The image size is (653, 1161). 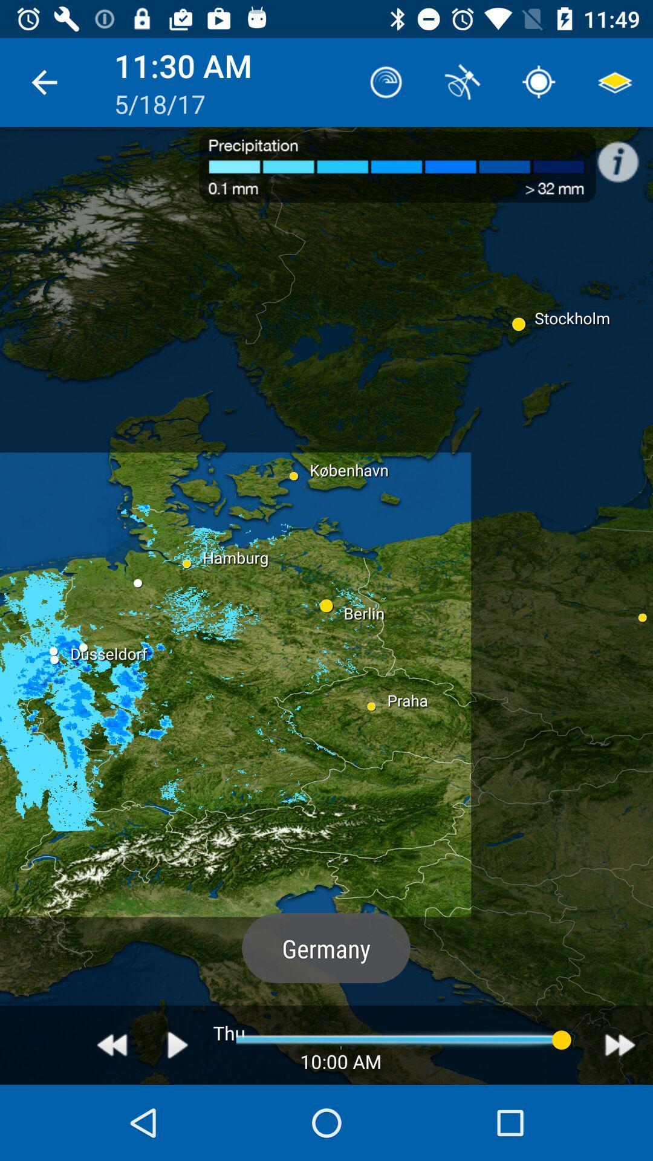 What do you see at coordinates (624, 155) in the screenshot?
I see `show information` at bounding box center [624, 155].